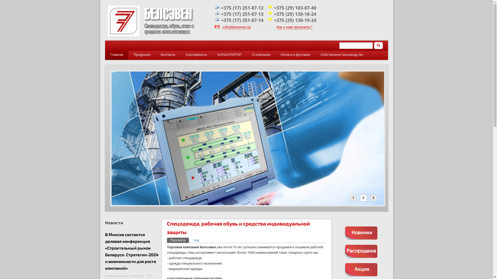 This screenshot has width=497, height=279. Describe the element at coordinates (370, 198) in the screenshot. I see `'3'` at that location.